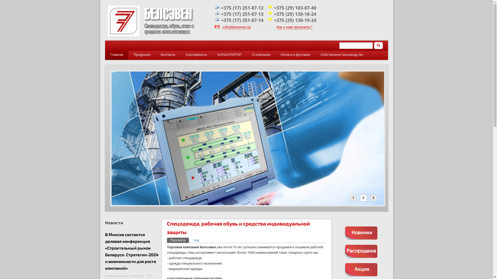 This screenshot has width=497, height=279. Describe the element at coordinates (370, 198) in the screenshot. I see `'3'` at that location.